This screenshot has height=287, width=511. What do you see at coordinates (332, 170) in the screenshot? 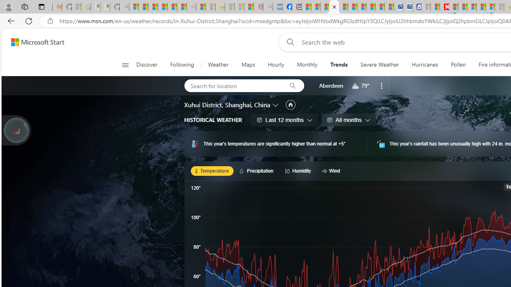
I see `'Wind'` at bounding box center [332, 170].